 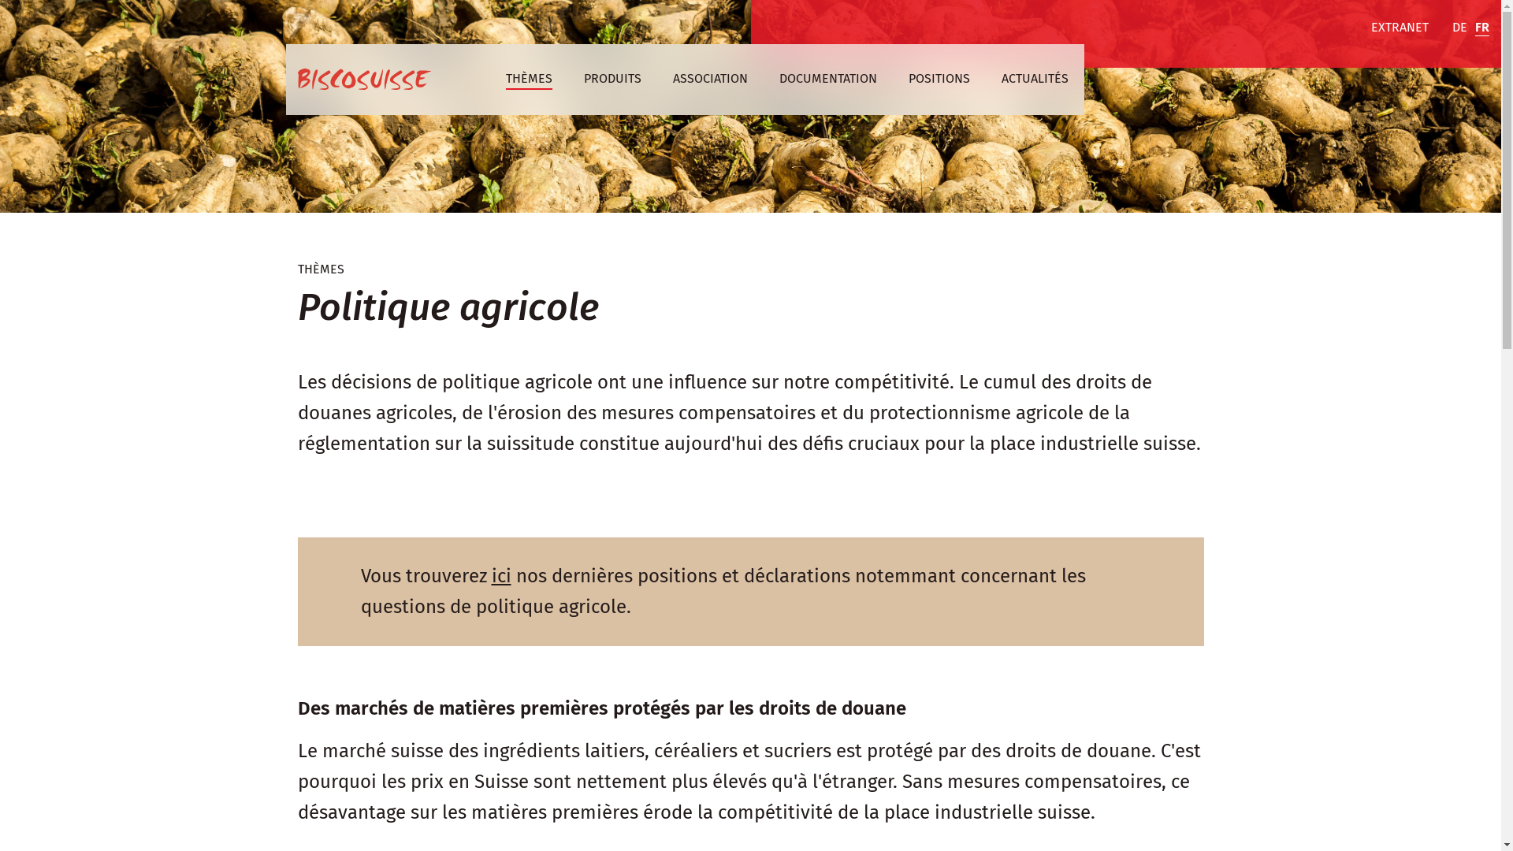 I want to click on 'PRODUITS', so click(x=611, y=79).